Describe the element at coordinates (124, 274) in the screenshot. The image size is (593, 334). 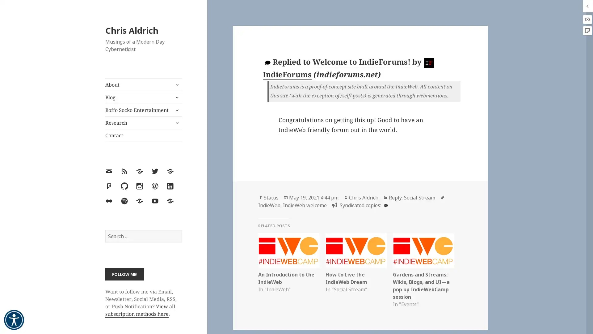
I see `Follow Me!` at that location.